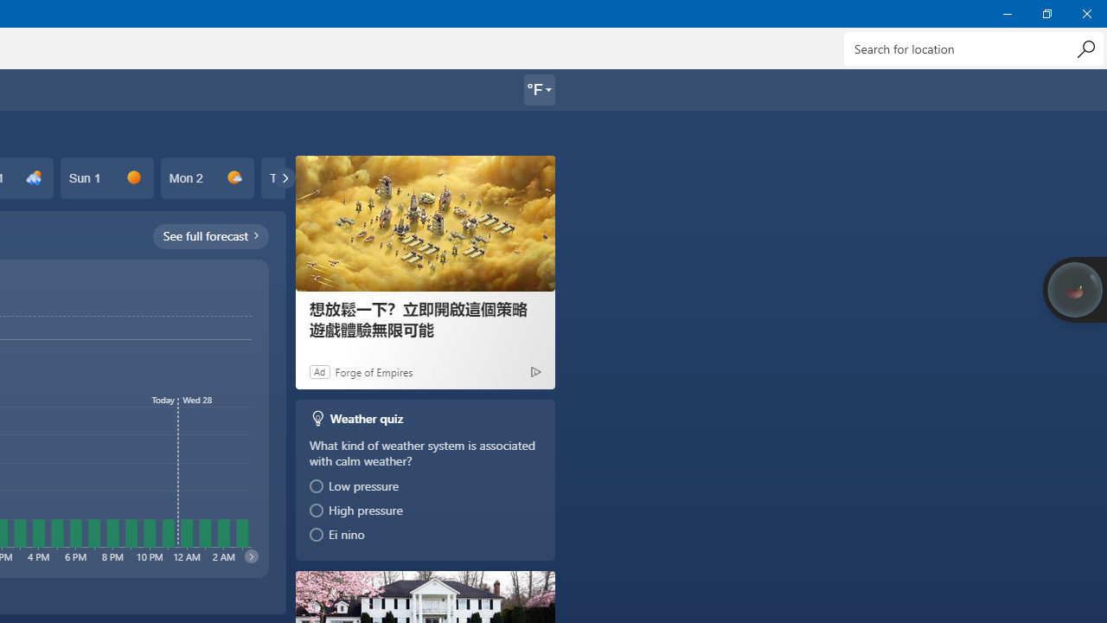  I want to click on 'Close Weather', so click(1085, 13).